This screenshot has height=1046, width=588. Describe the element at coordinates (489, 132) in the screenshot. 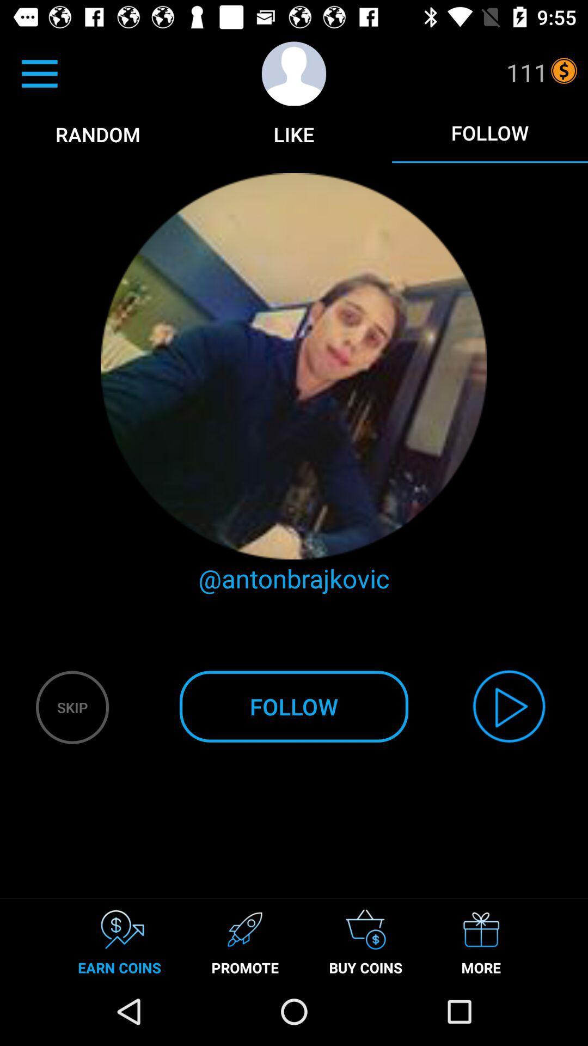

I see `tap the follow button` at that location.